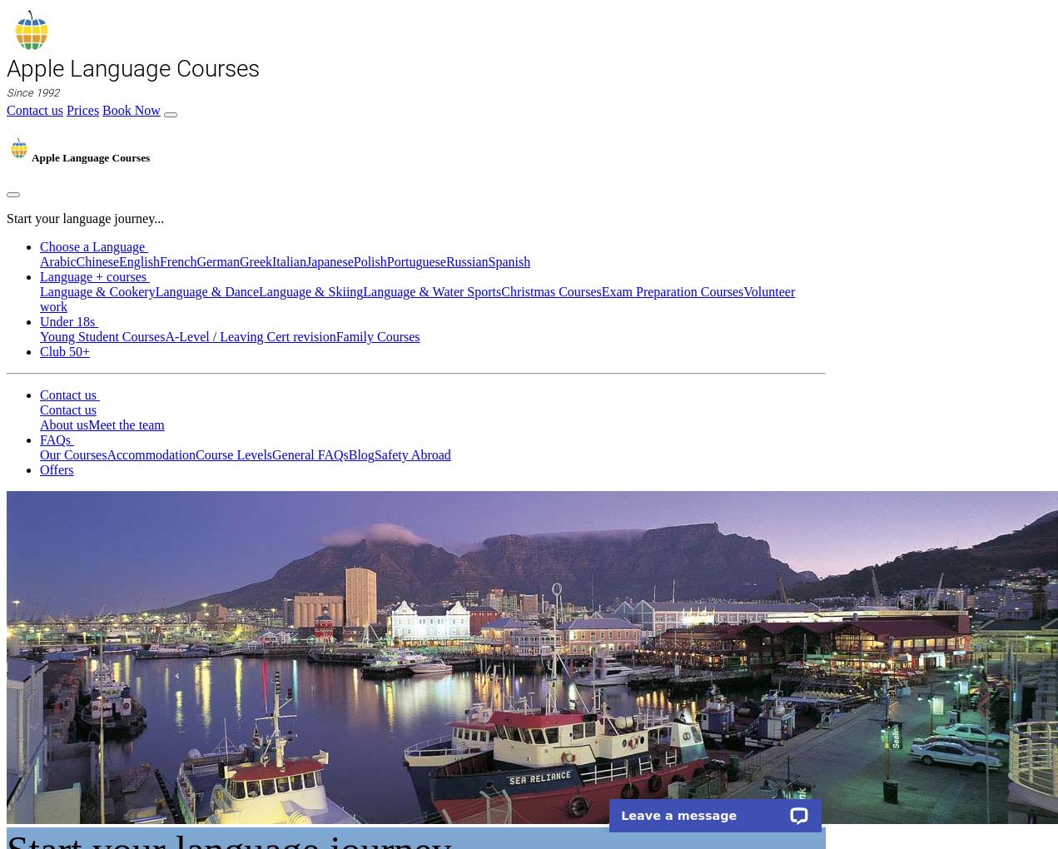 This screenshot has width=1058, height=849. Describe the element at coordinates (130, 110) in the screenshot. I see `'Book Now'` at that location.